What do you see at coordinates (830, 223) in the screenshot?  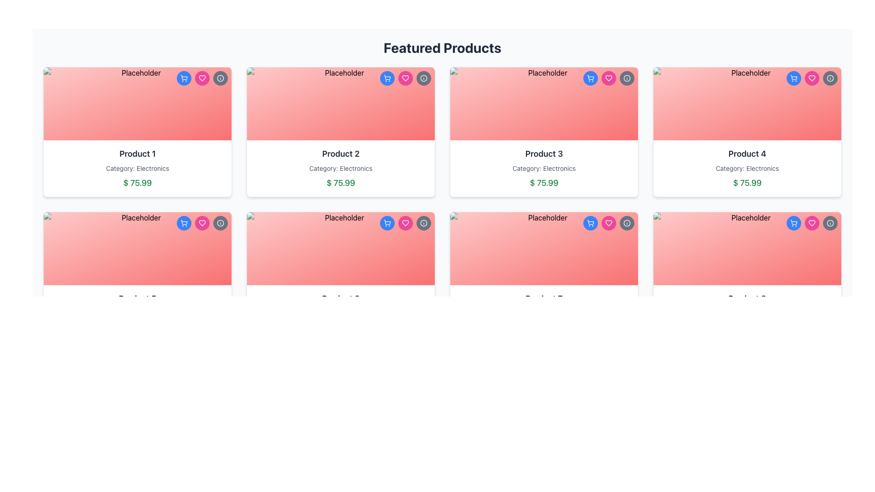 I see `the information button located in the top-right corner of the 'Product 4' card` at bounding box center [830, 223].